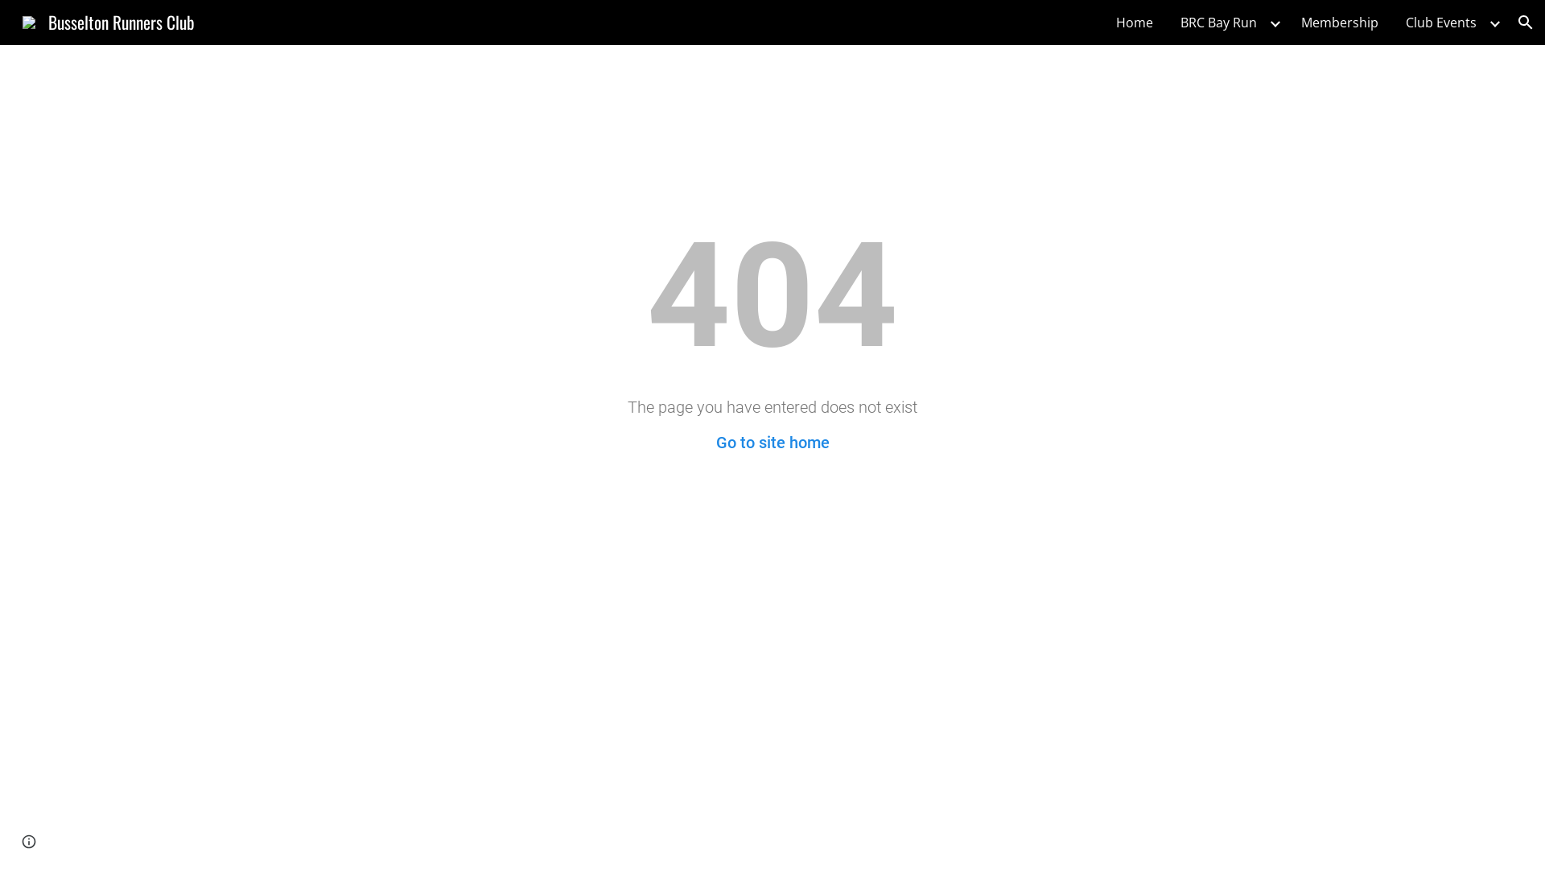 The height and width of the screenshot is (869, 1545). What do you see at coordinates (1493, 22) in the screenshot?
I see `'Expand/Collapse'` at bounding box center [1493, 22].